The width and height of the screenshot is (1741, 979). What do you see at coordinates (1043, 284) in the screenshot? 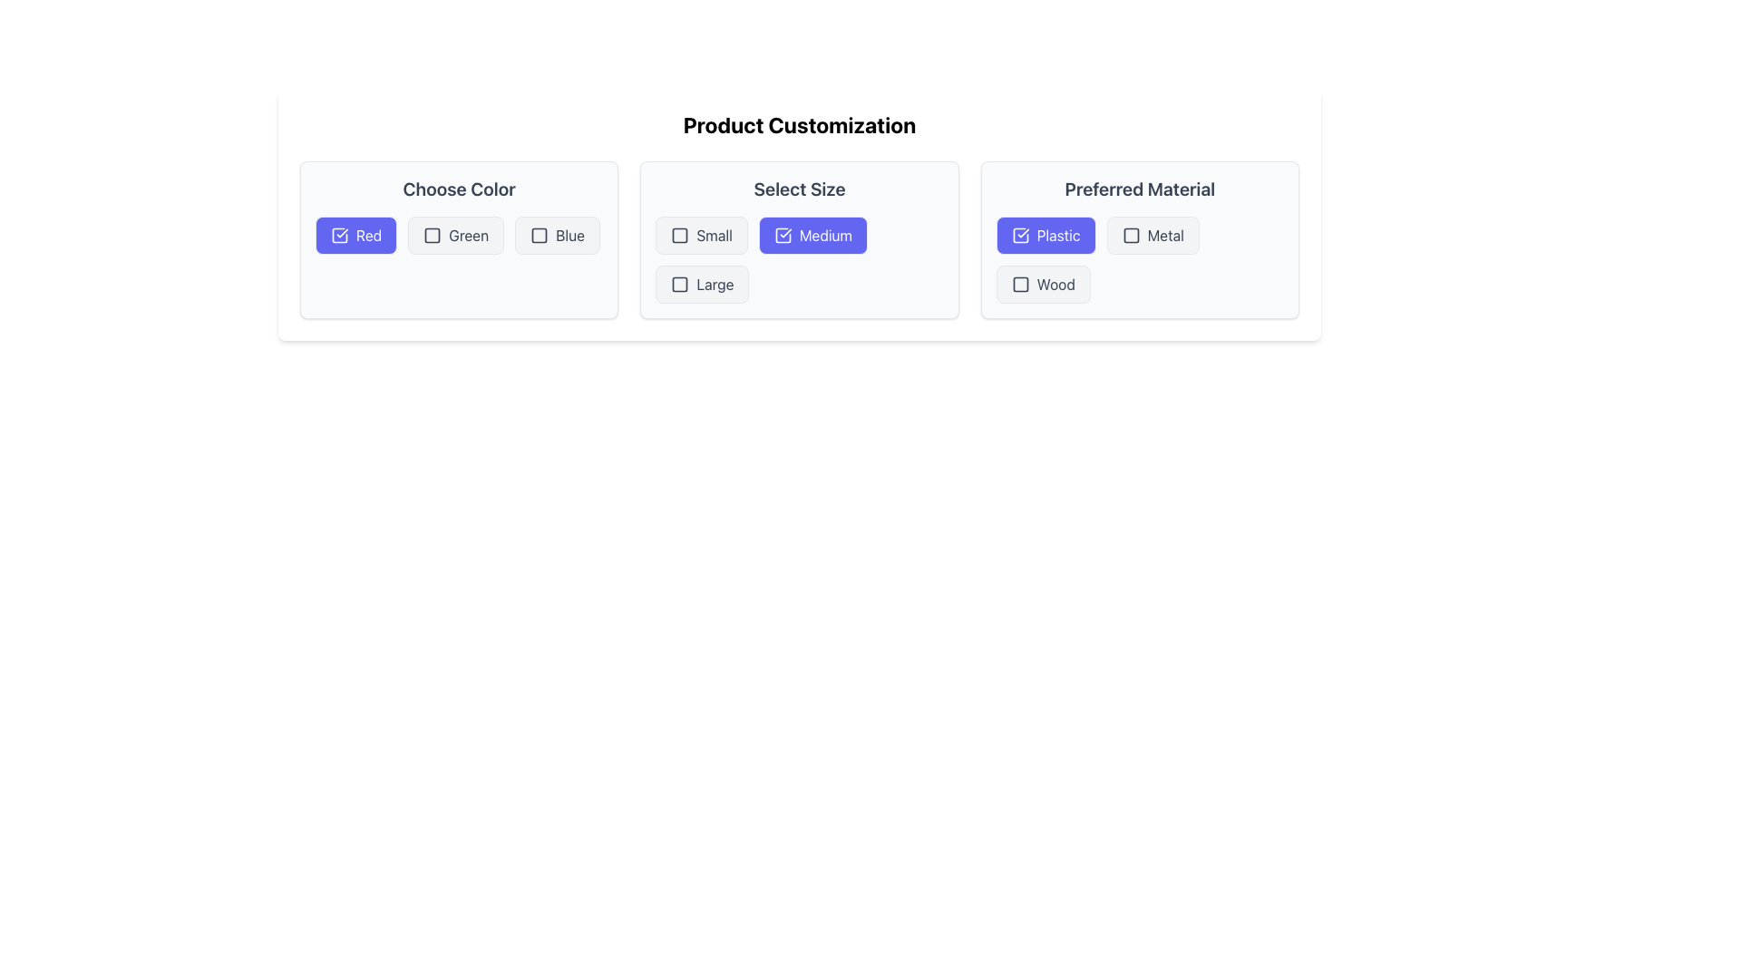
I see `the checkbox labeled 'Wood' located in the 'Preferred Material' section` at bounding box center [1043, 284].